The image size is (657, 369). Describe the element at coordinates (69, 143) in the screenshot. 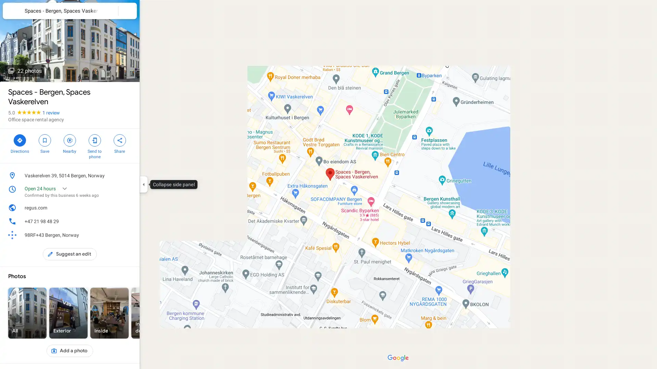

I see `Search nearby Spaces - Bergen, Spaces Vaskerelven` at that location.